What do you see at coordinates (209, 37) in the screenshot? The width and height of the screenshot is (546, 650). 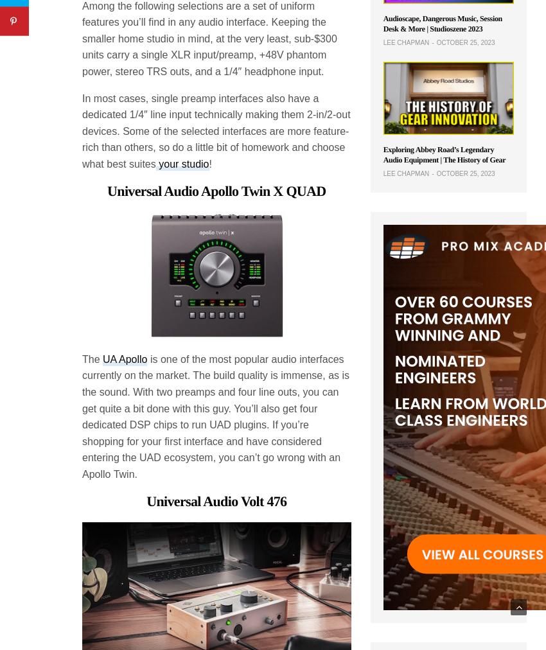 I see `'Among the following selections are a set of uniform features you’ll find in any audio interface. Keeping the smaller home studio in mind, at the very least, sub-$300 units carry a single XLR input/preamp, +48V phantom power, stereo TRS outs, and a 1/4″ headphone input.'` at bounding box center [209, 37].